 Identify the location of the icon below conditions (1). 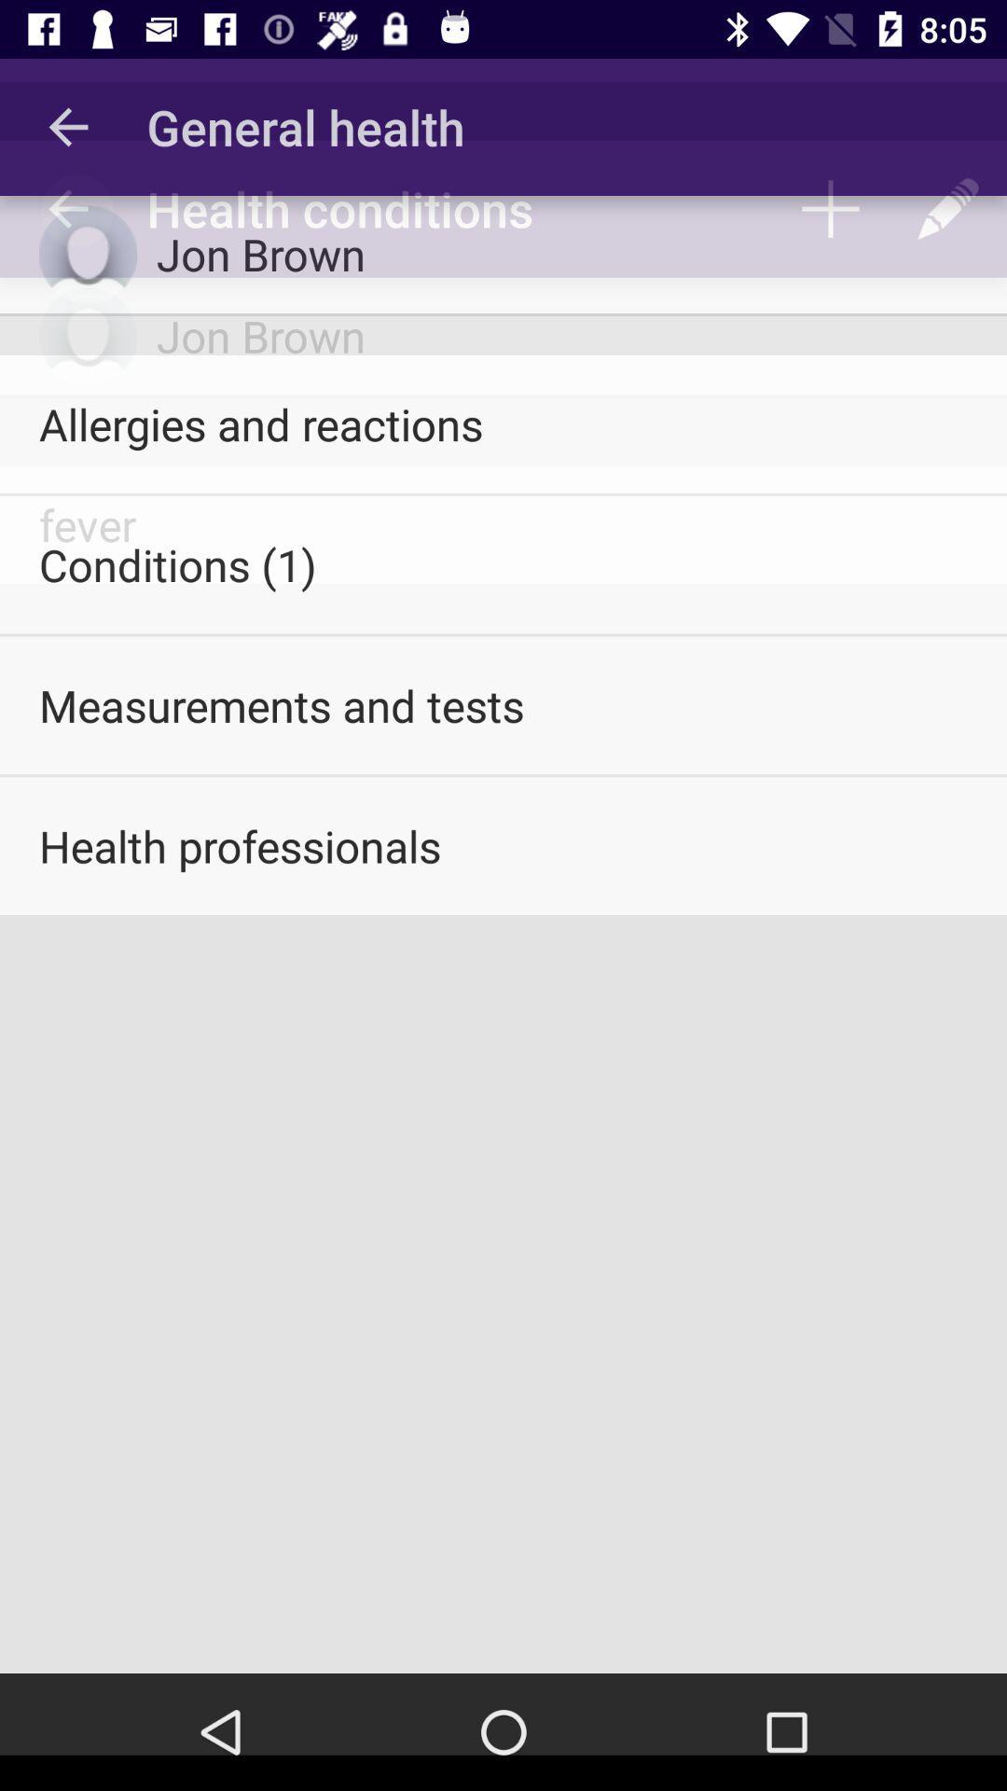
(504, 704).